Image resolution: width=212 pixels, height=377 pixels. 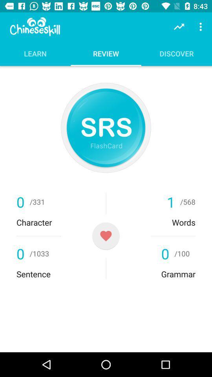 What do you see at coordinates (106, 128) in the screenshot?
I see `click for flashcard` at bounding box center [106, 128].